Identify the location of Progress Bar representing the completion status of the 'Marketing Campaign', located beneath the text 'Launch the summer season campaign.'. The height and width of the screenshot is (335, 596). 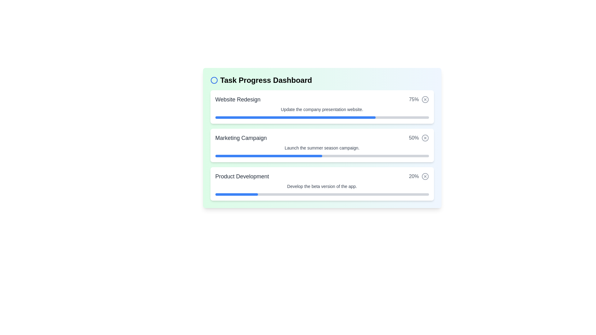
(322, 155).